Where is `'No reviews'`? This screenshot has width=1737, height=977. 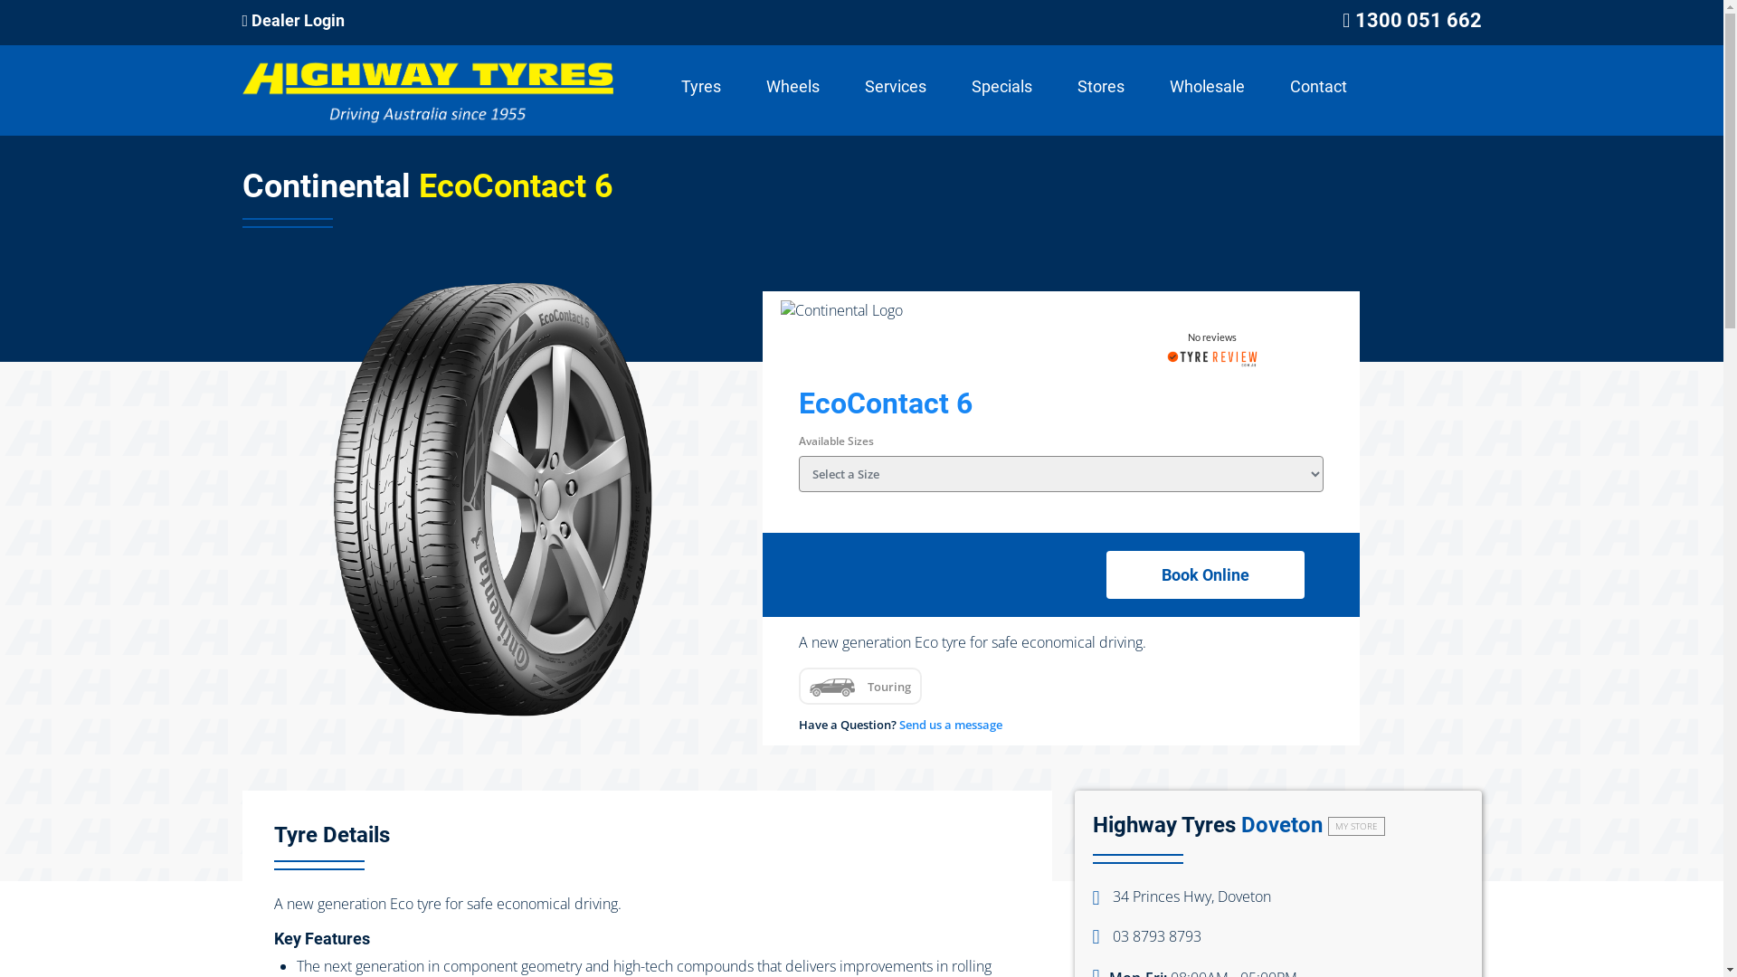 'No reviews' is located at coordinates (1211, 339).